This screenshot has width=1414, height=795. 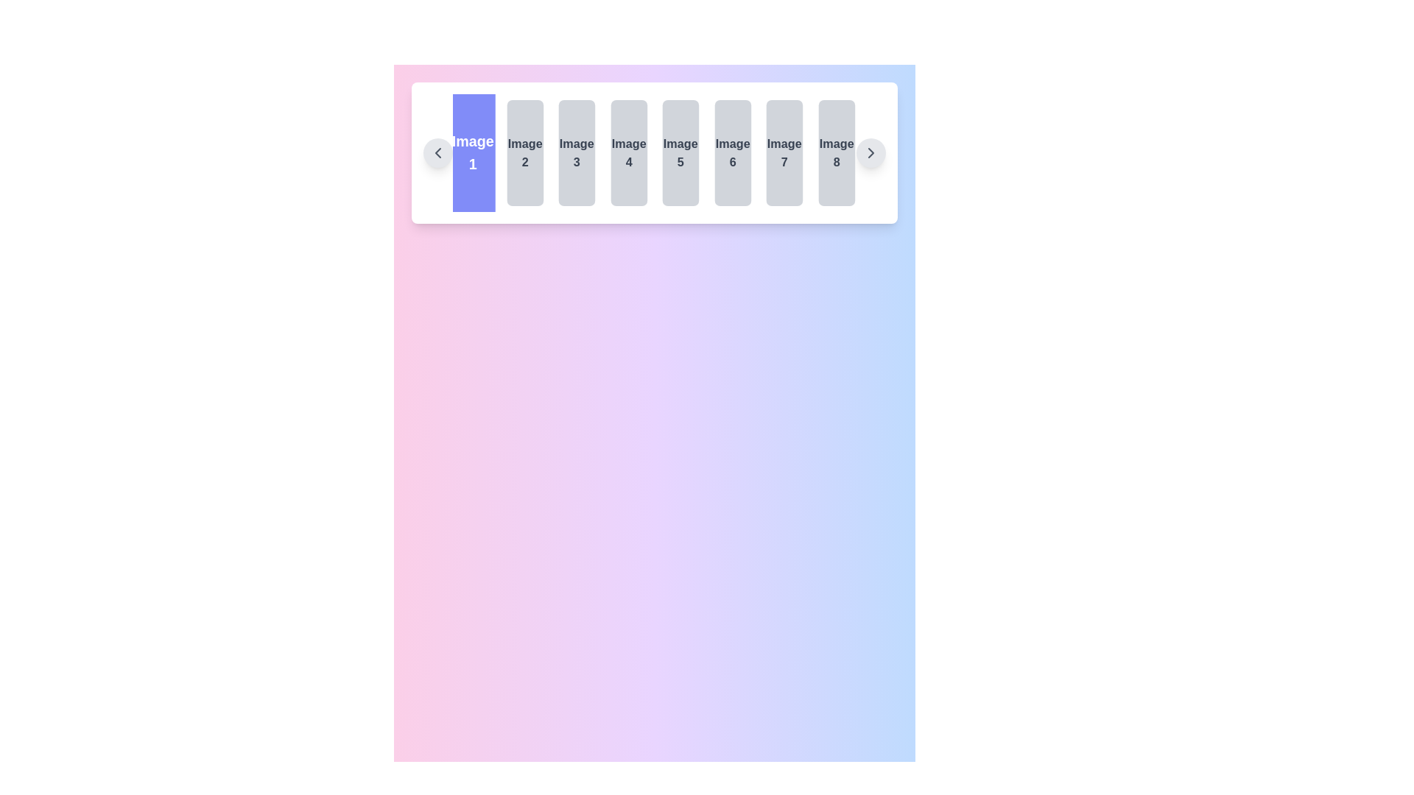 What do you see at coordinates (784, 153) in the screenshot?
I see `the non-interactive button labeled 'Image 7', which has a light gray background and is the seventh button from the left in a horizontal row` at bounding box center [784, 153].